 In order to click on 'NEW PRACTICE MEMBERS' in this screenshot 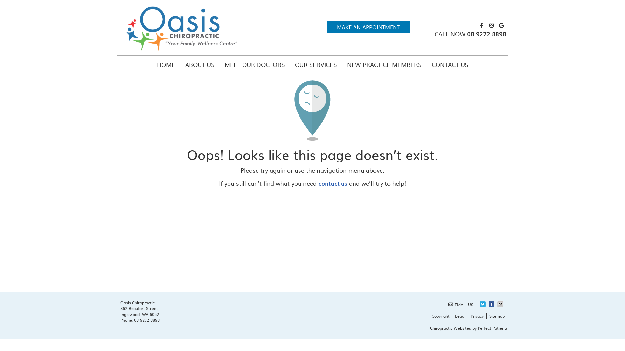, I will do `click(384, 65)`.